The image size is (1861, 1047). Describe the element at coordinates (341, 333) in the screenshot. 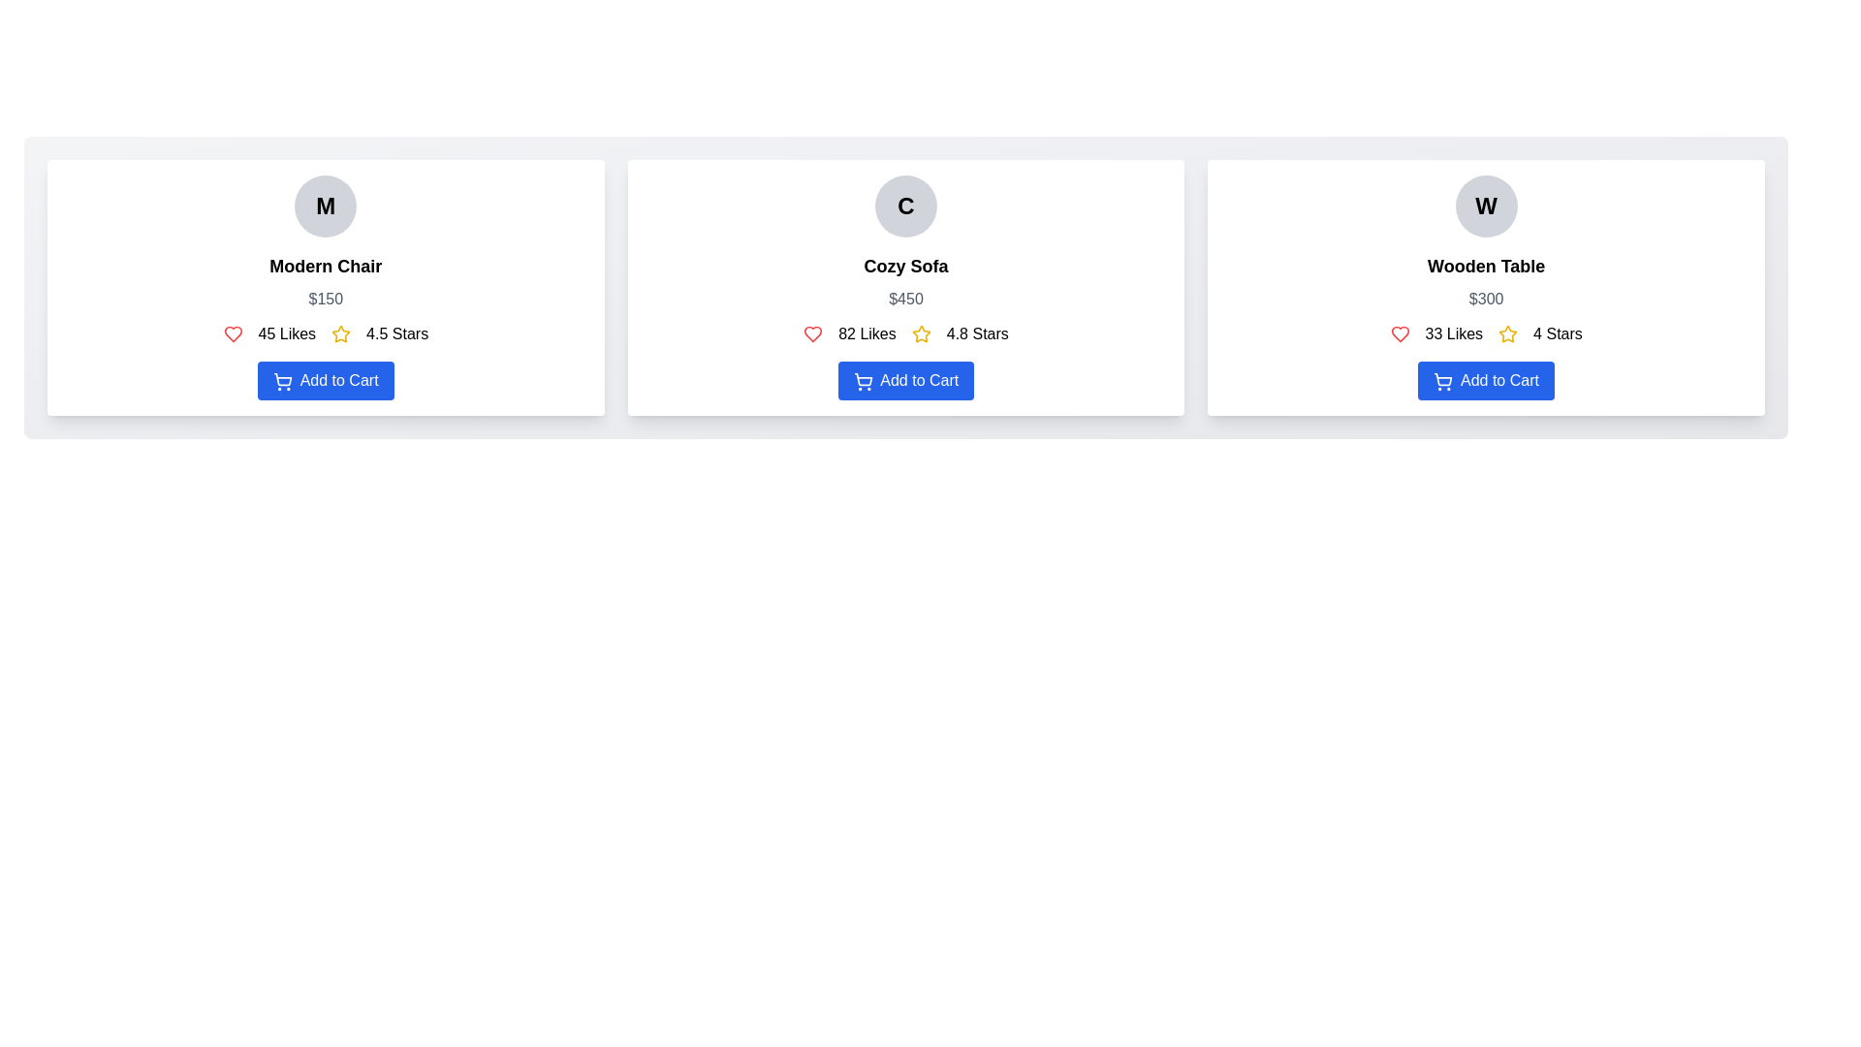

I see `the rating icon located to the right of the '45 Likes' text and immediately left of the '4.5 Stars' text, which represents the average rating for the 'Modern Chair' product` at that location.